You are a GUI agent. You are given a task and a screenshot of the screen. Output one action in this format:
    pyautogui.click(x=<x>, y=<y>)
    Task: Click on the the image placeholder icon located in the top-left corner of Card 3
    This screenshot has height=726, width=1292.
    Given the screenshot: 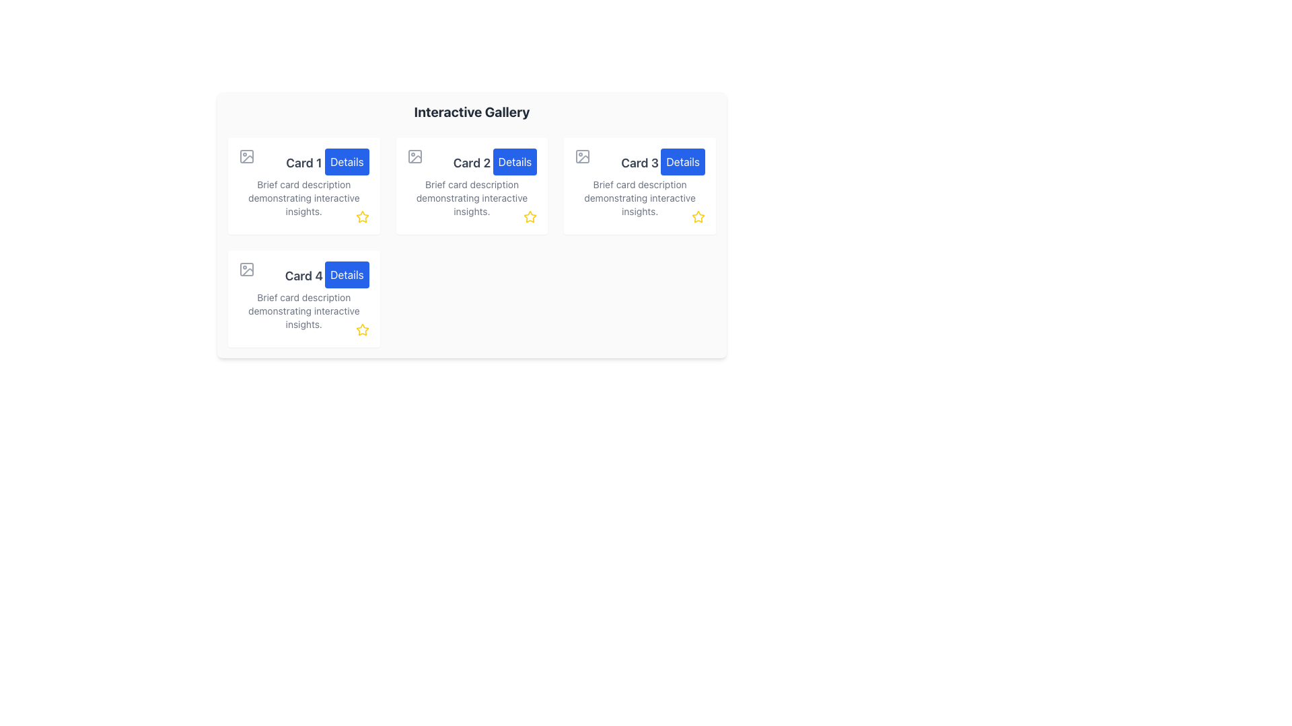 What is the action you would take?
    pyautogui.click(x=583, y=155)
    